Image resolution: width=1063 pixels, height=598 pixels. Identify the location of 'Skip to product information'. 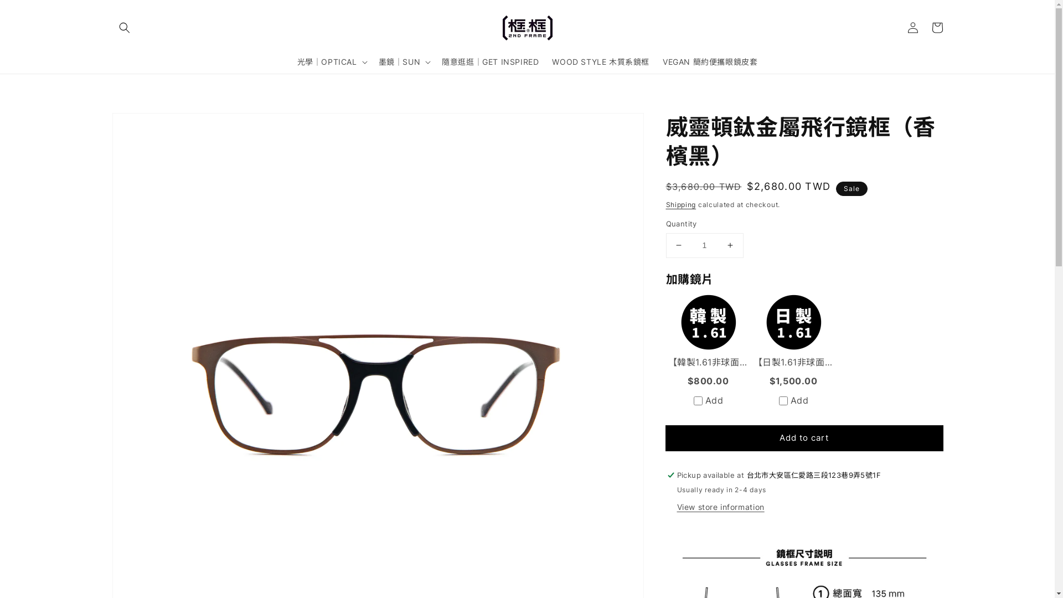
(111, 125).